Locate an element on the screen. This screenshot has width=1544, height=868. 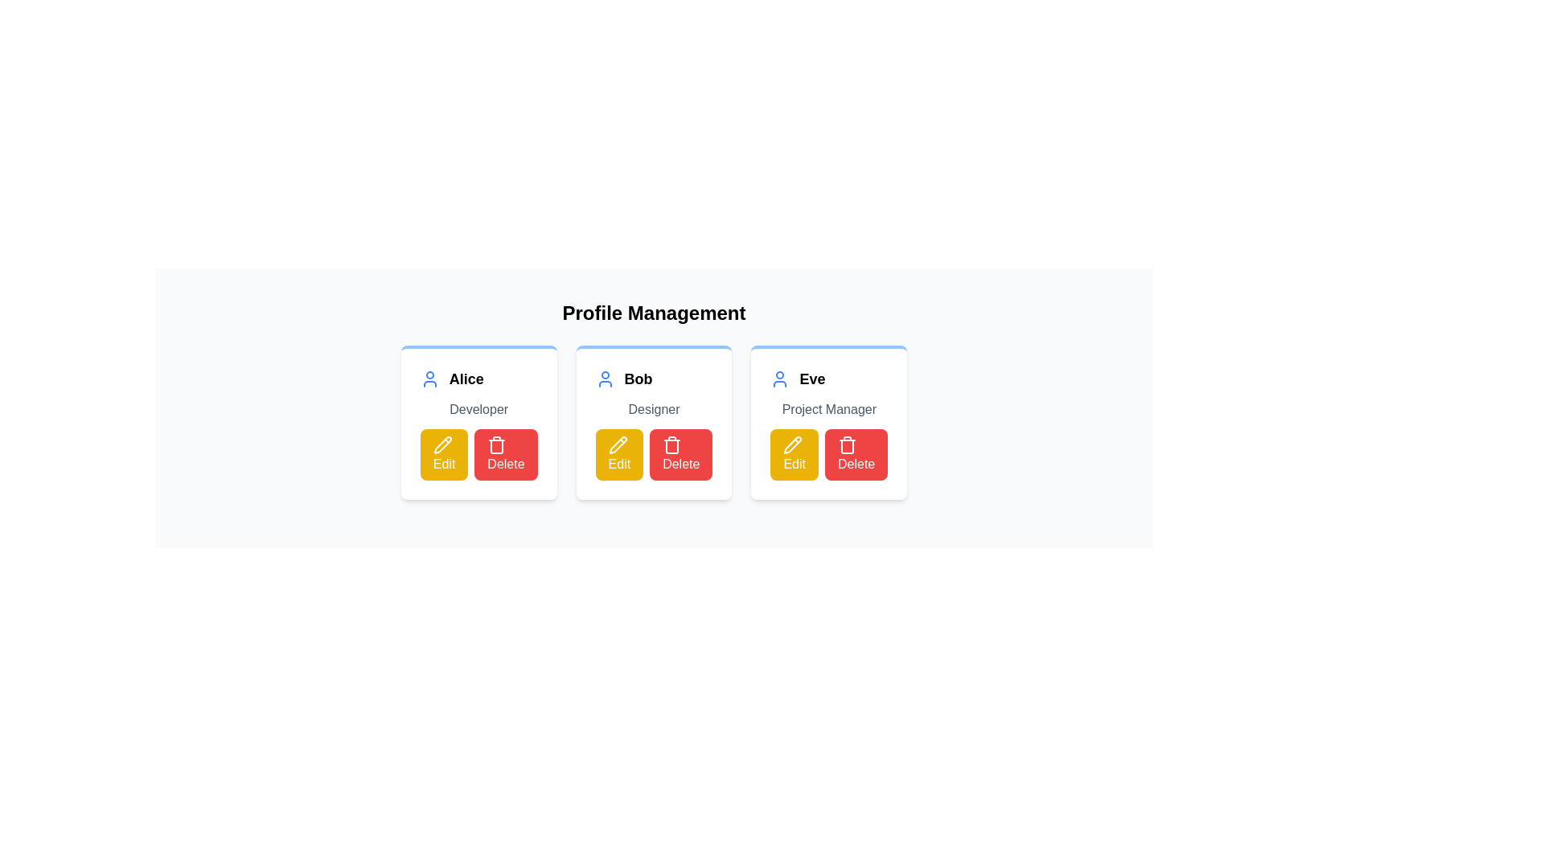
the 'Edit' button with a yellow background and white text located at the bottom-right section of the 'Eve - Project Manager' card to enter edit mode is located at coordinates (829, 455).